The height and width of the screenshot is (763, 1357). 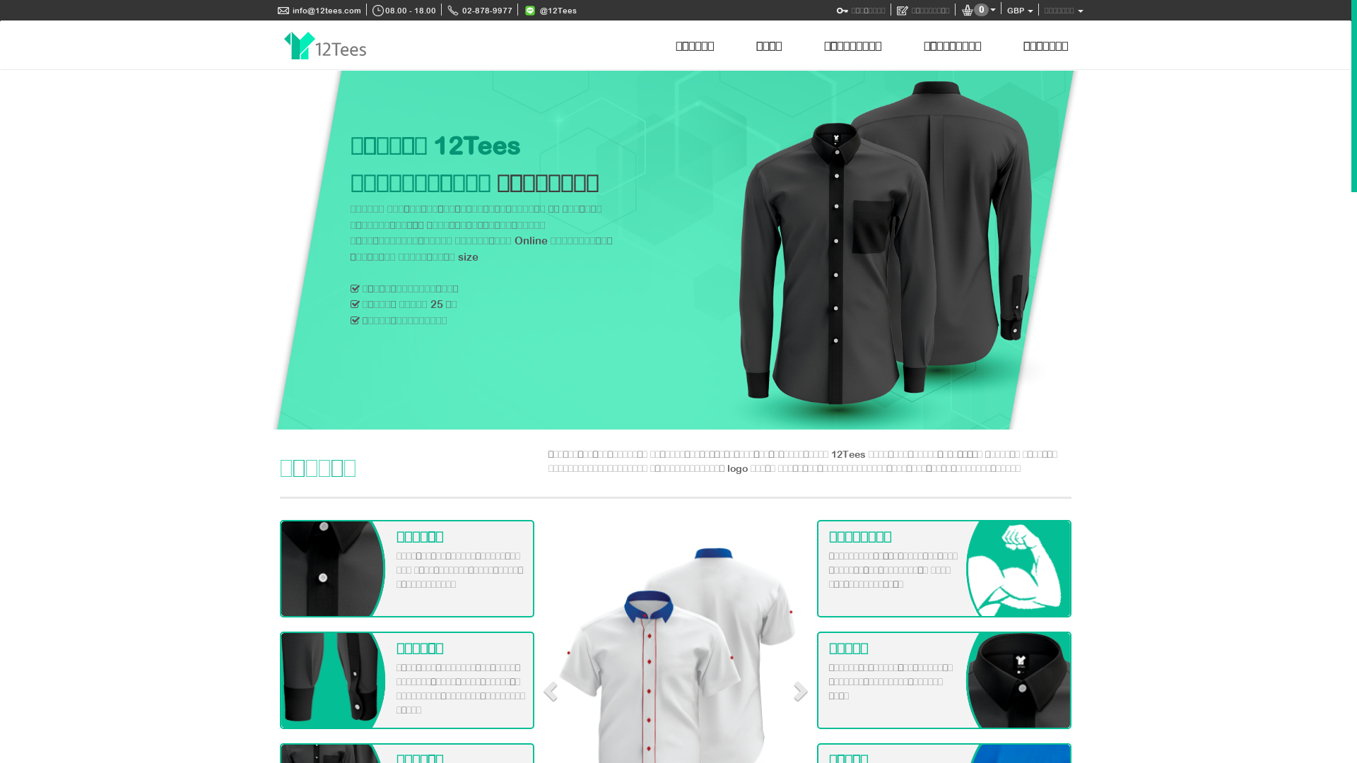 I want to click on 'Next', so click(x=1048, y=249).